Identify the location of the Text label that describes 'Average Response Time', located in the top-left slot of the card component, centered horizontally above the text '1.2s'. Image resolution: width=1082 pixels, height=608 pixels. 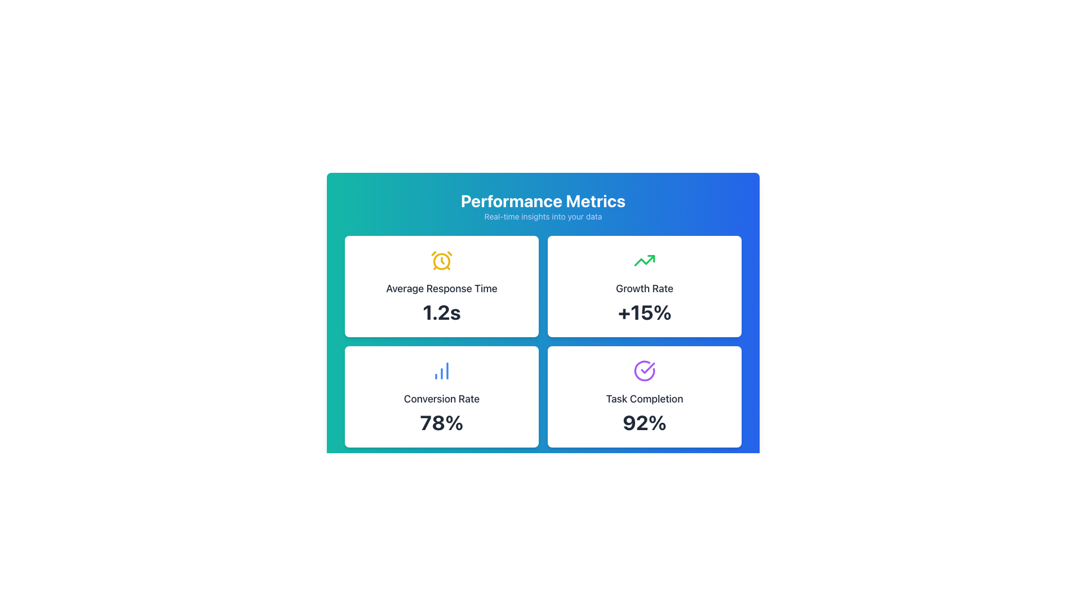
(441, 288).